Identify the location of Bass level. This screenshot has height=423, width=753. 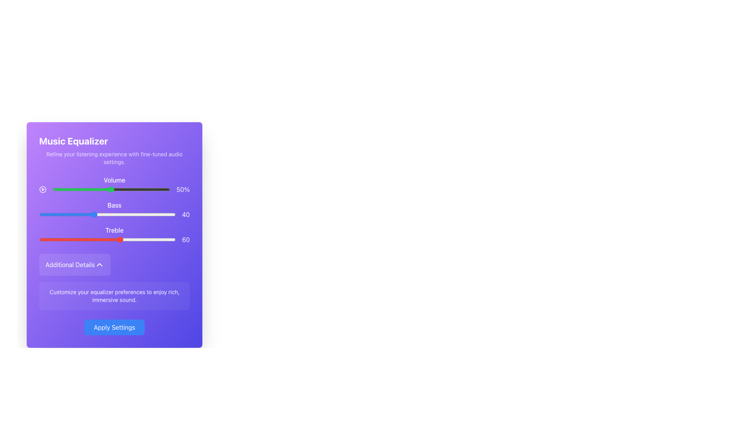
(155, 214).